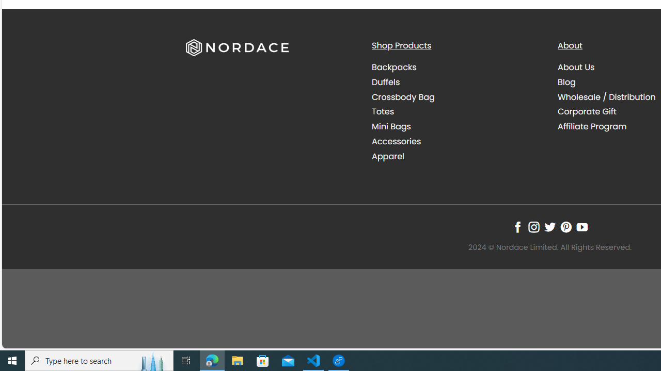 The image size is (661, 371). Describe the element at coordinates (396, 141) in the screenshot. I see `'Accessories'` at that location.